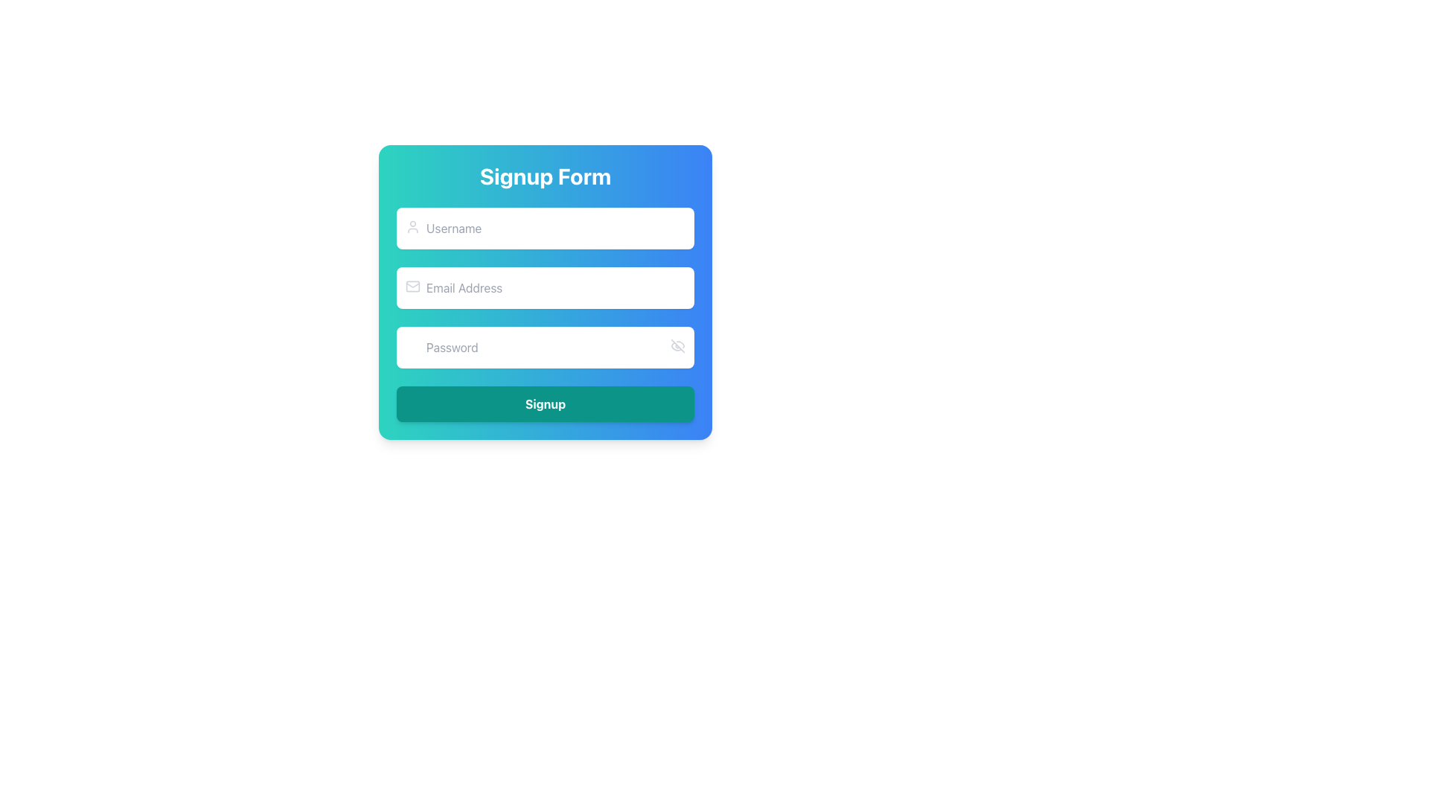 This screenshot has height=804, width=1429. I want to click on and drop text into the text input field for 'Email Address' within the signup form, styled with rounded corners and a light background, so click(545, 287).